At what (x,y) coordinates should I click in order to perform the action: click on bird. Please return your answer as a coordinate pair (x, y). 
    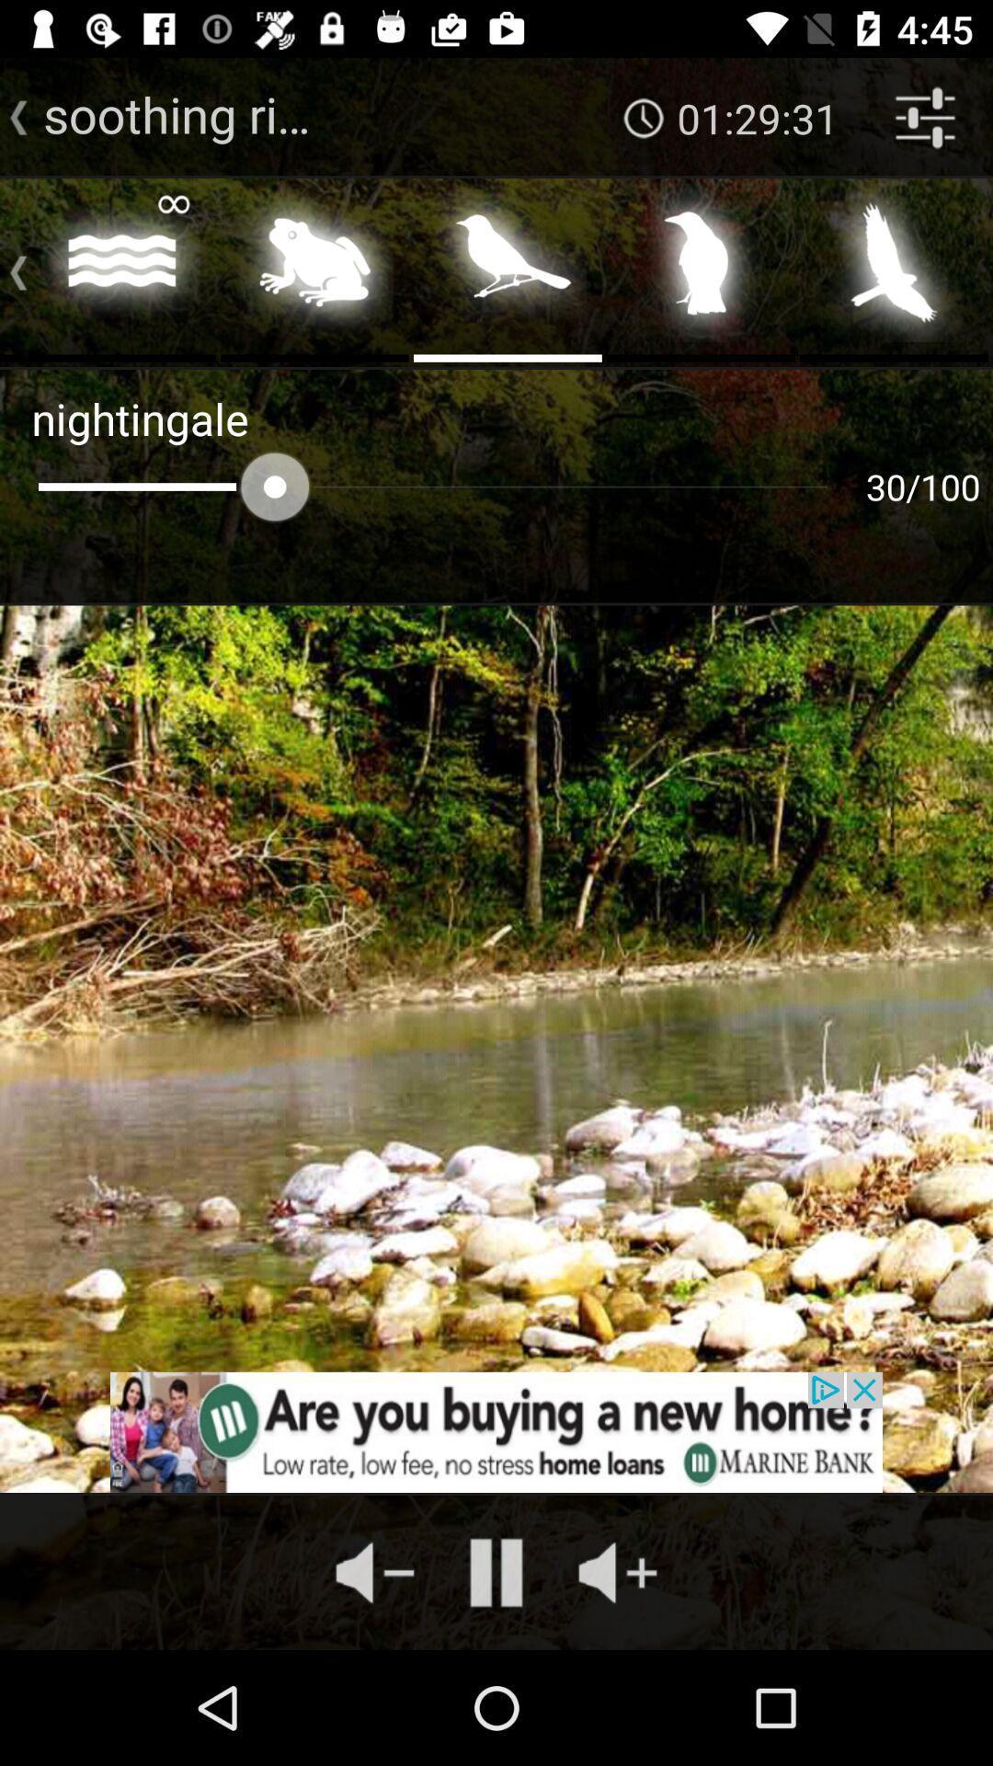
    Looking at the image, I should click on (701, 268).